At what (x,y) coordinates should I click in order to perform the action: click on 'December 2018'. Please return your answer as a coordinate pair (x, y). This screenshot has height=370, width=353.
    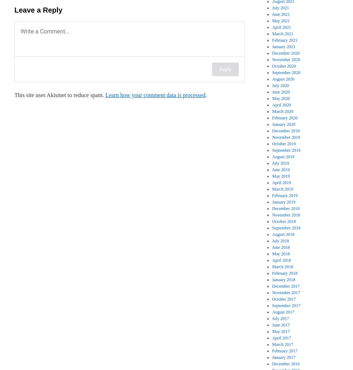
    Looking at the image, I should click on (286, 208).